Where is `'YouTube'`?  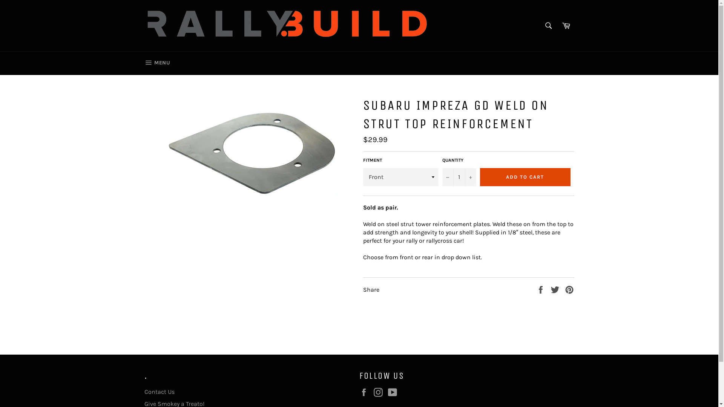
'YouTube' is located at coordinates (394, 392).